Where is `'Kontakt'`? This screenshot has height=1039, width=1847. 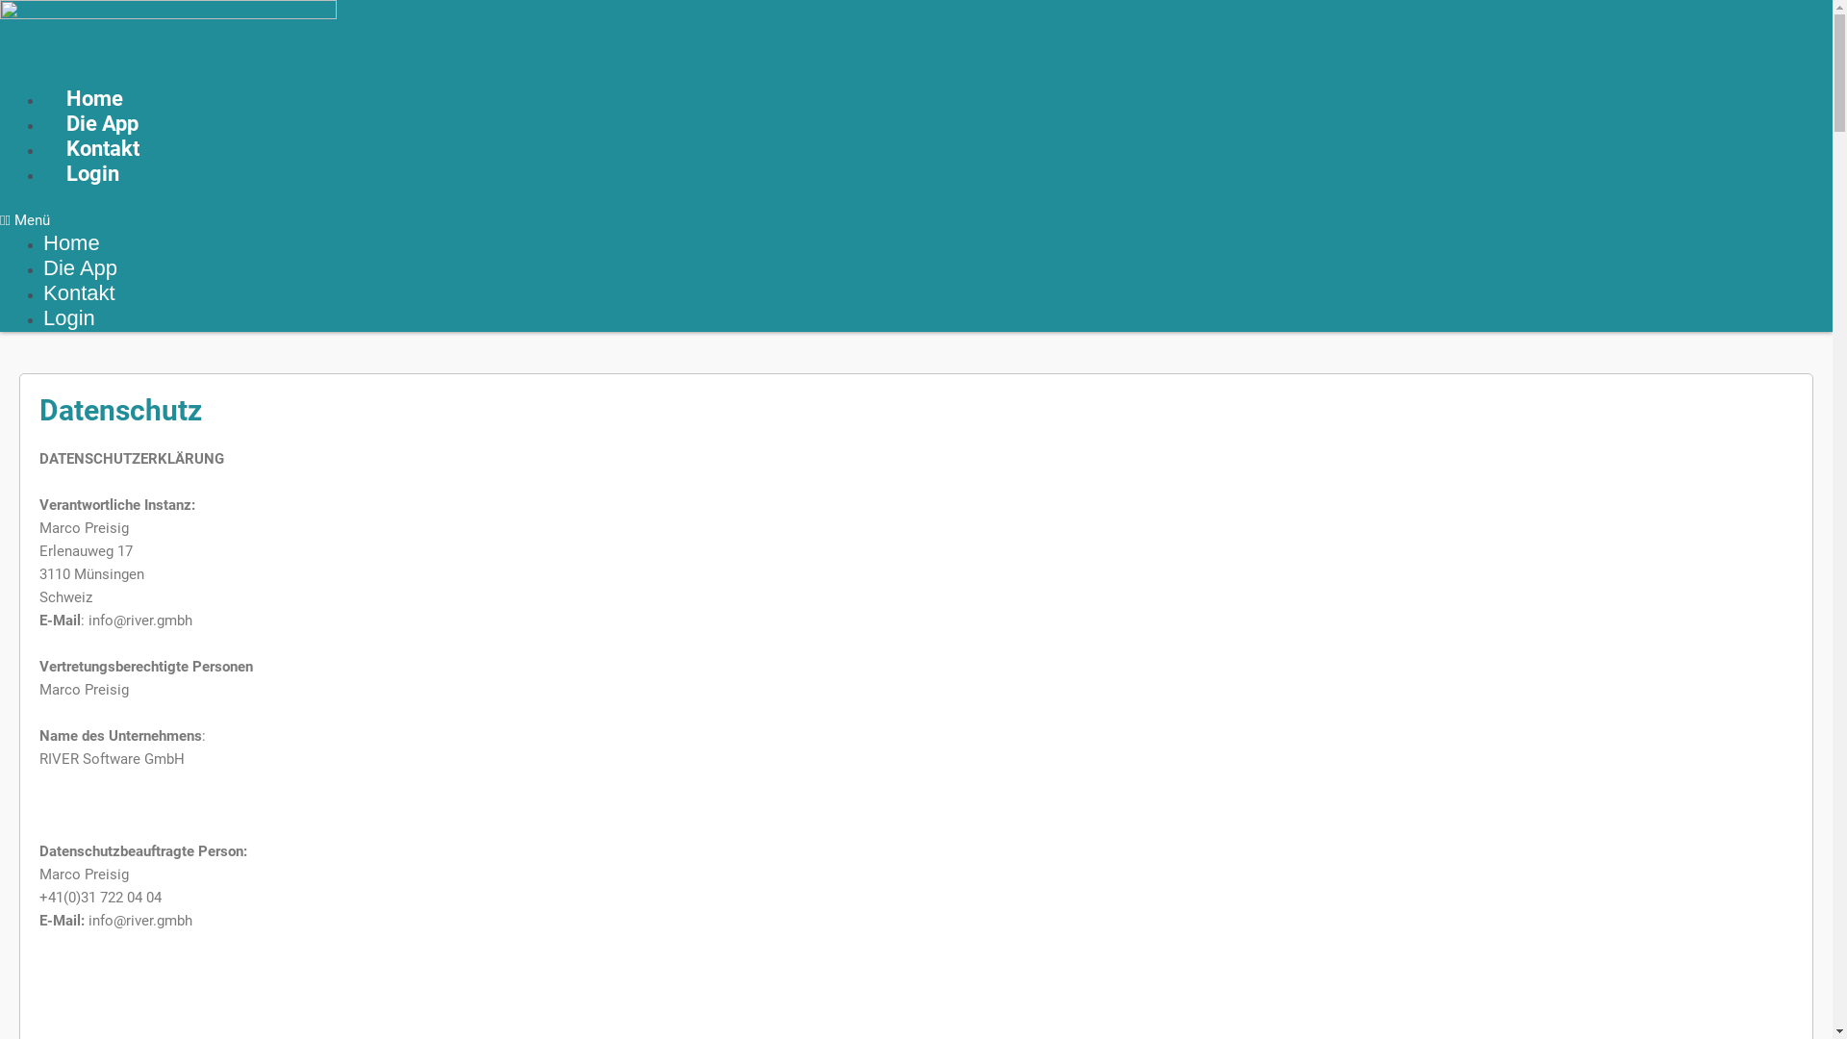 'Kontakt' is located at coordinates (101, 147).